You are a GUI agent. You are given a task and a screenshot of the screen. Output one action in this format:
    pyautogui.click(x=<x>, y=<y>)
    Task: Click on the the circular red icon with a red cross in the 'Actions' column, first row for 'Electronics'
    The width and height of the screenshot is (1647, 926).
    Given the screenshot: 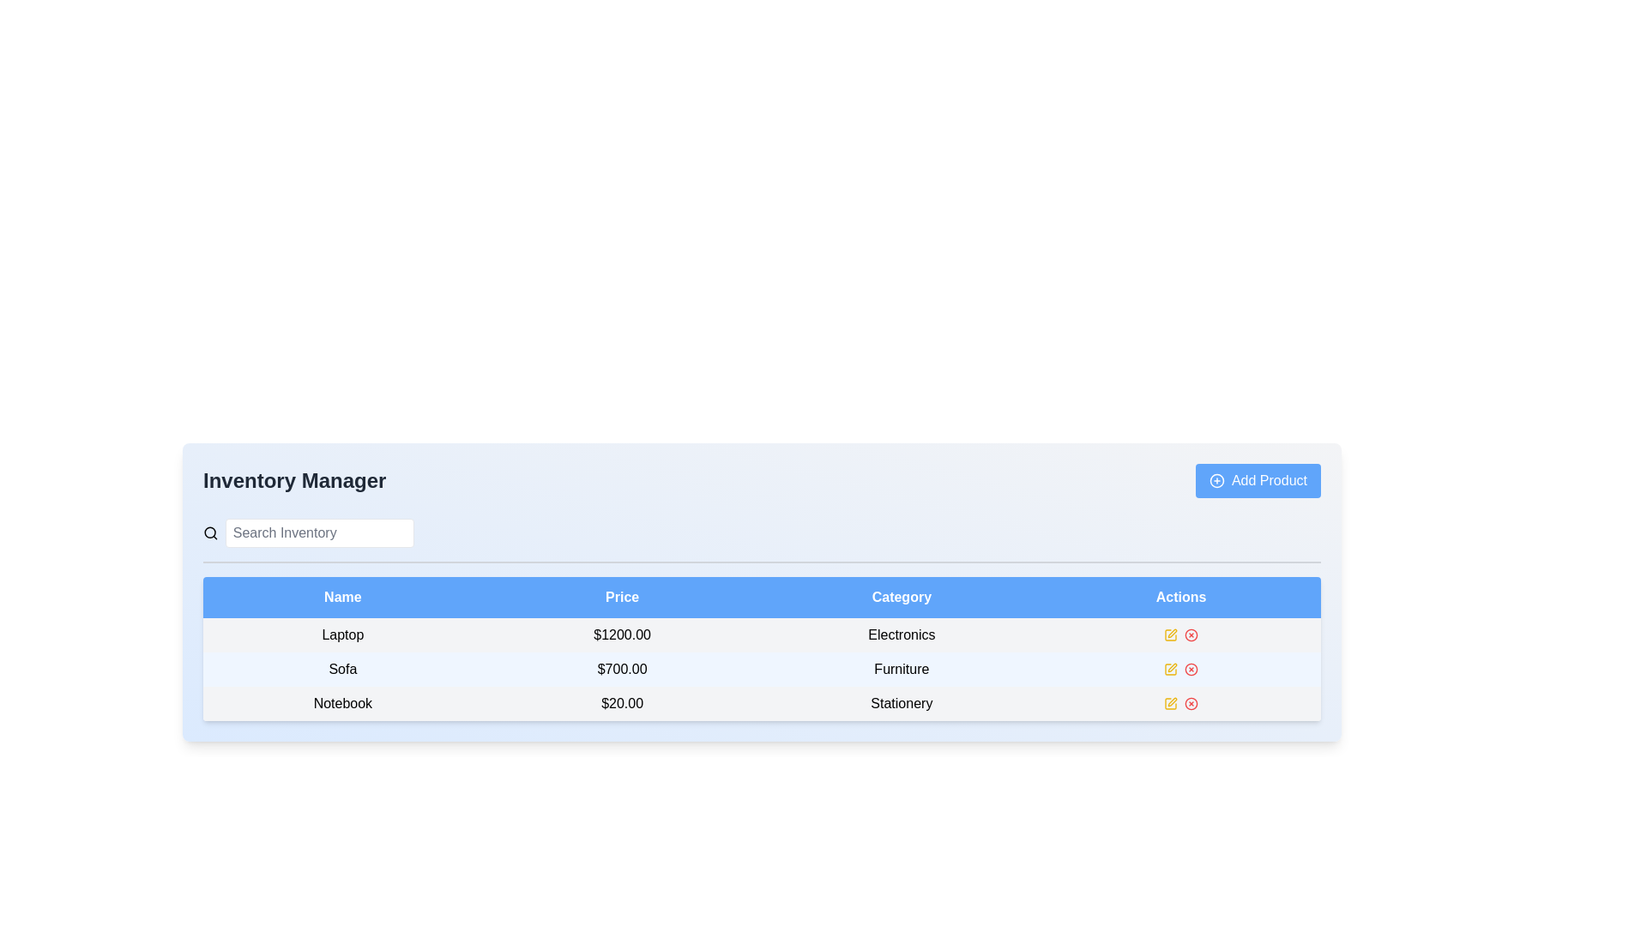 What is the action you would take?
    pyautogui.click(x=1191, y=634)
    